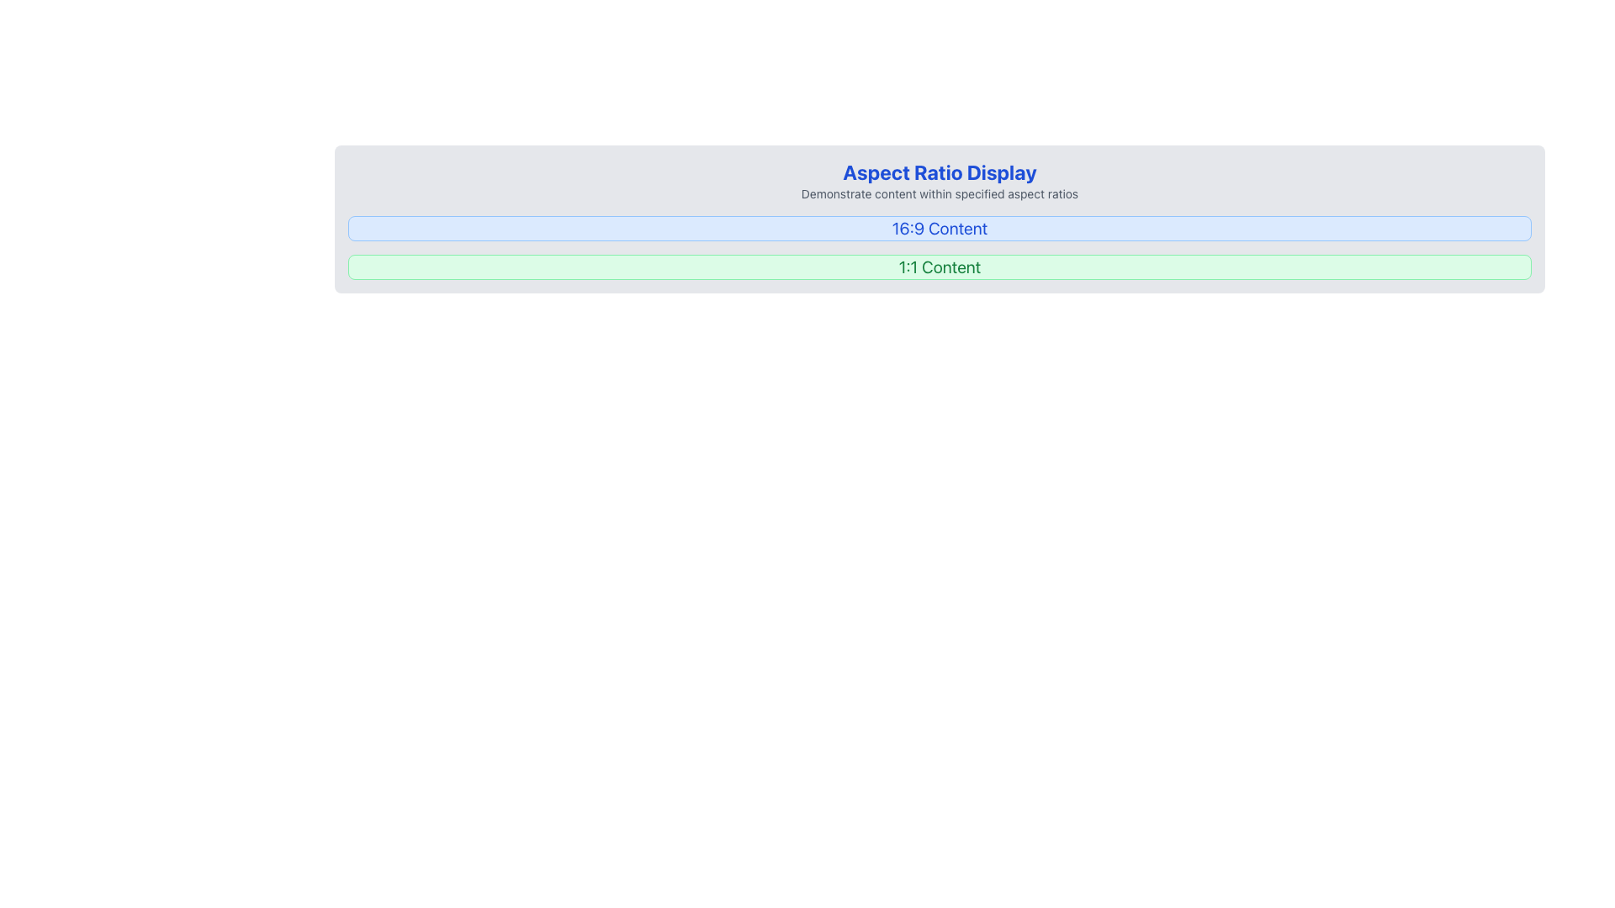 The image size is (1615, 908). What do you see at coordinates (939, 266) in the screenshot?
I see `the second interactive content box under the banner titled 'Aspect Ratio Display'` at bounding box center [939, 266].